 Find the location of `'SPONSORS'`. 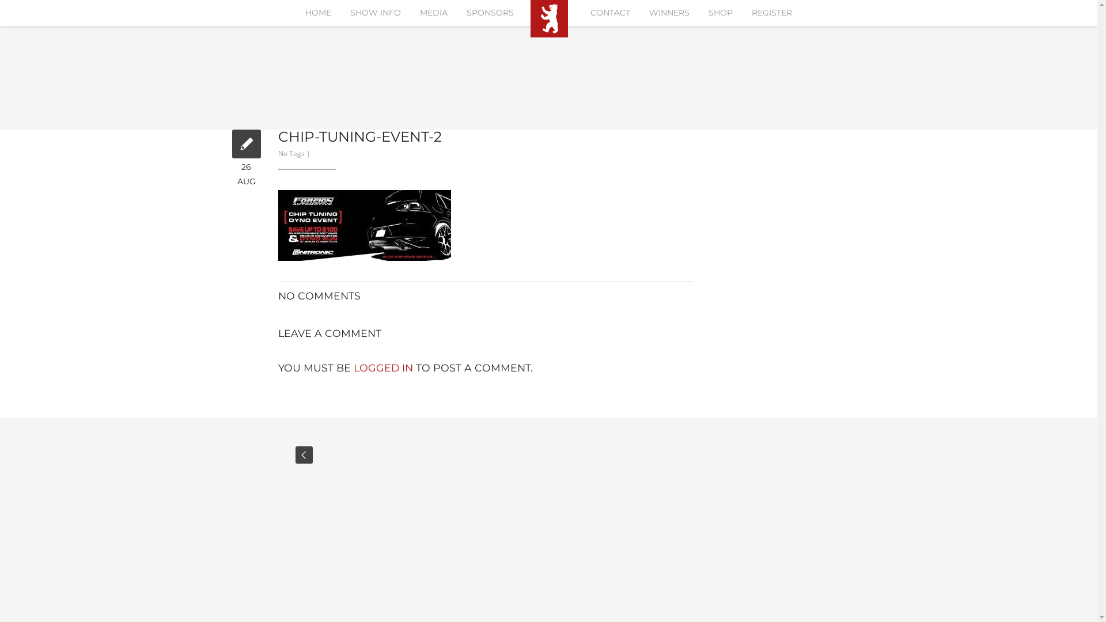

'SPONSORS' is located at coordinates (490, 13).